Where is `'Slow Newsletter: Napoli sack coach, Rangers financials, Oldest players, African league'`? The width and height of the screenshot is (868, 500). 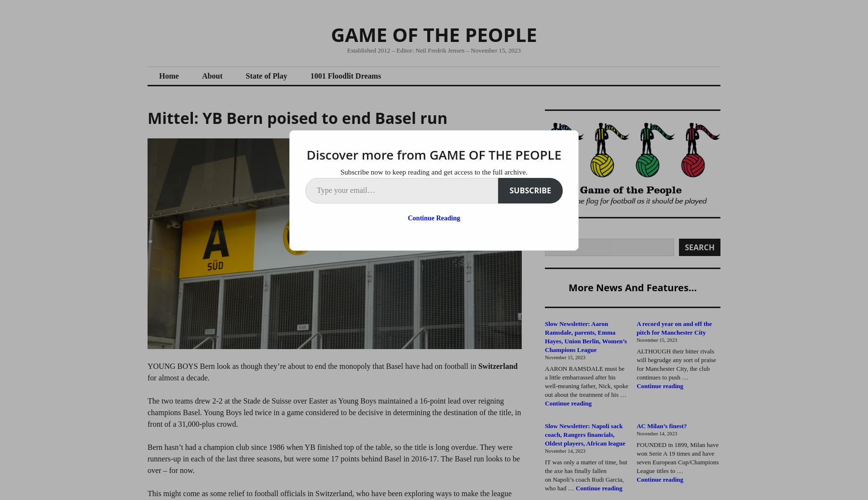 'Slow Newsletter: Napoli sack coach, Rangers financials, Oldest players, African league' is located at coordinates (584, 434).